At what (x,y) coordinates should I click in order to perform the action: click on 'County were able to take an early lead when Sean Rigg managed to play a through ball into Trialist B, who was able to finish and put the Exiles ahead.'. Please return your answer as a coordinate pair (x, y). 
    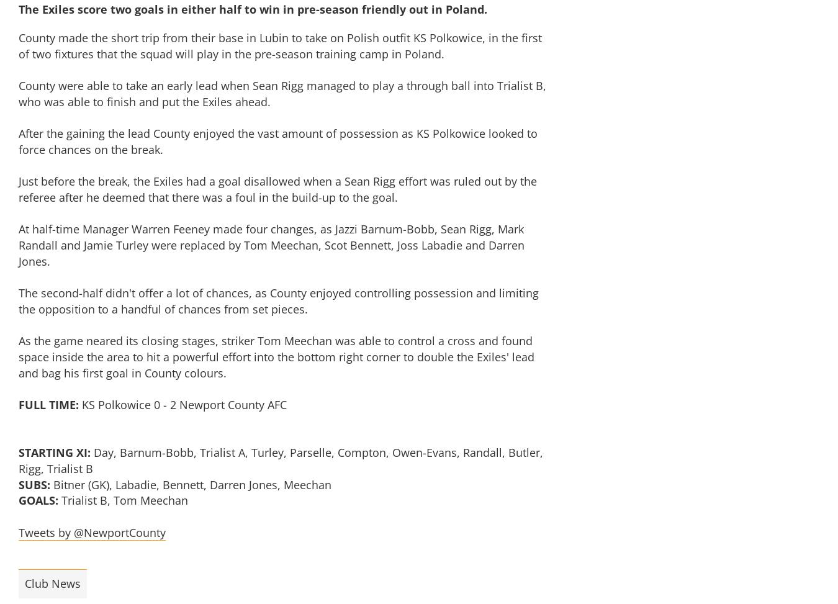
    Looking at the image, I should click on (281, 93).